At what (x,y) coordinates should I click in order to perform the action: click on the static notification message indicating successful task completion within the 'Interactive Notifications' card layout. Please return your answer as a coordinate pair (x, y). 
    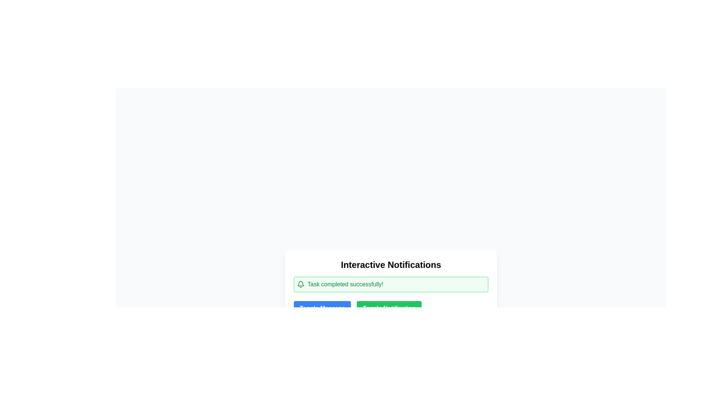
    Looking at the image, I should click on (390, 284).